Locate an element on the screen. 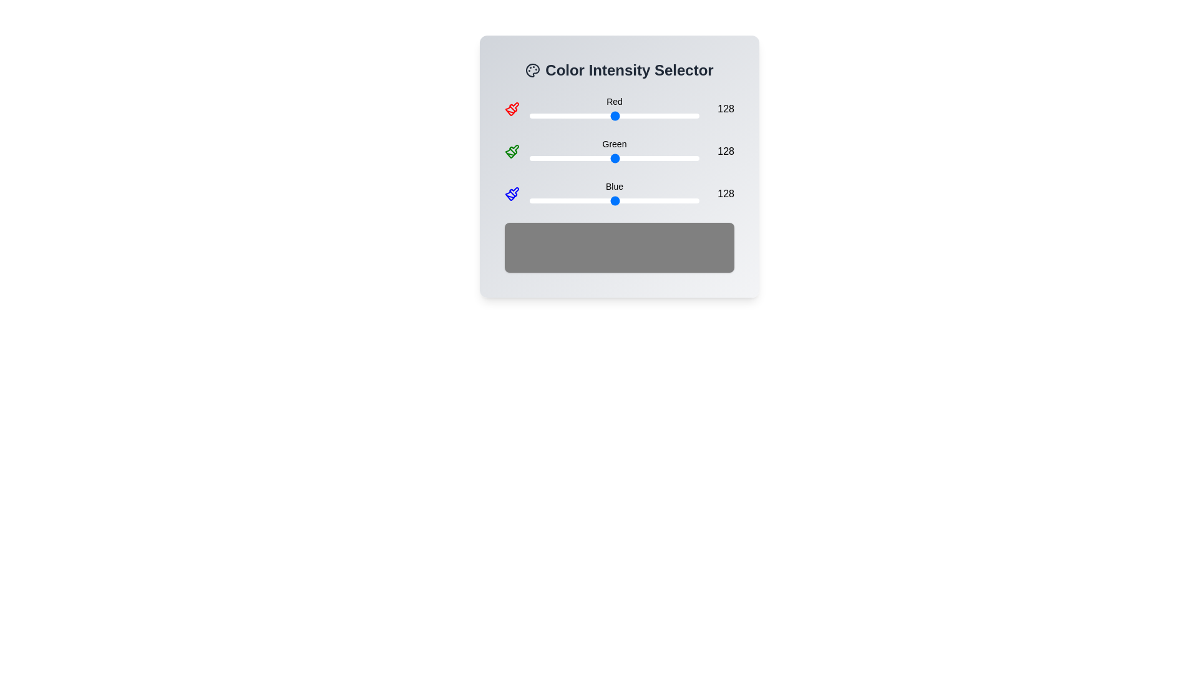 The height and width of the screenshot is (674, 1198). the red intensity is located at coordinates (649, 115).